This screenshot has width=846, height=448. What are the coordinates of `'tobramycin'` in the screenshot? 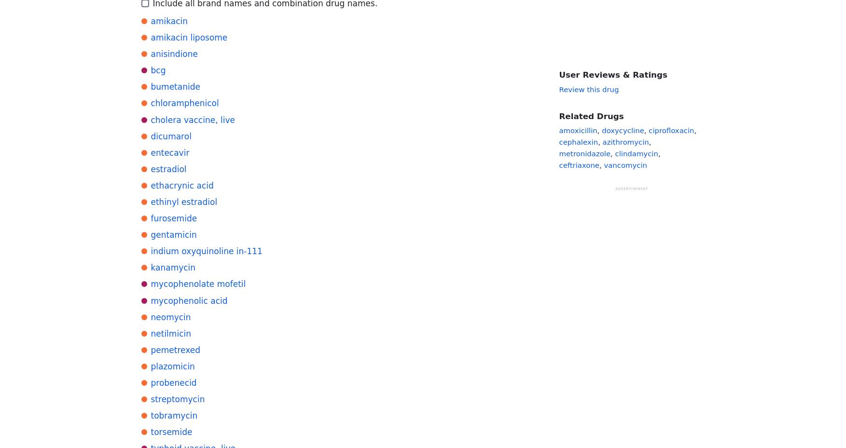 It's located at (174, 416).